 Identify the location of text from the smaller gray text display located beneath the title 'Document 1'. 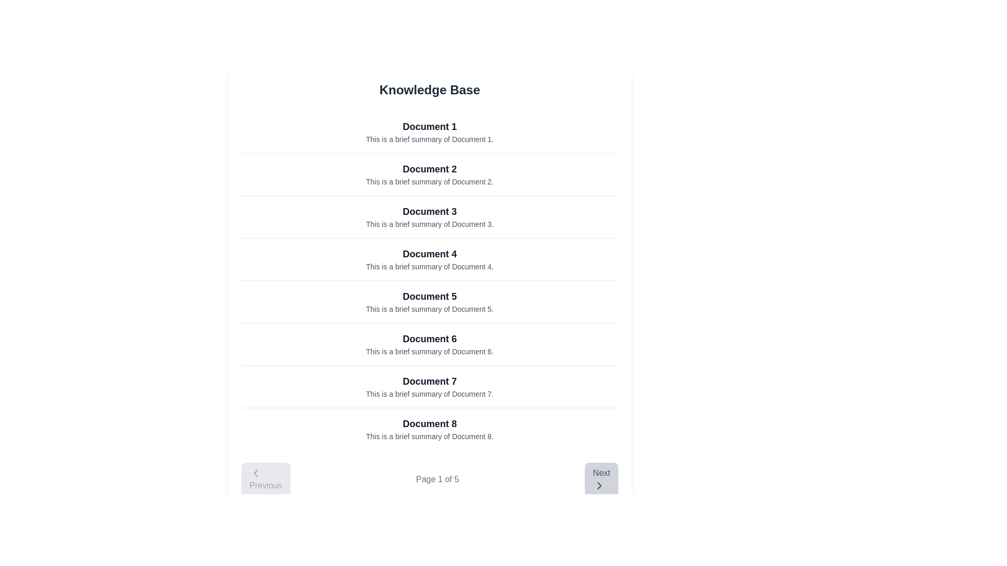
(430, 139).